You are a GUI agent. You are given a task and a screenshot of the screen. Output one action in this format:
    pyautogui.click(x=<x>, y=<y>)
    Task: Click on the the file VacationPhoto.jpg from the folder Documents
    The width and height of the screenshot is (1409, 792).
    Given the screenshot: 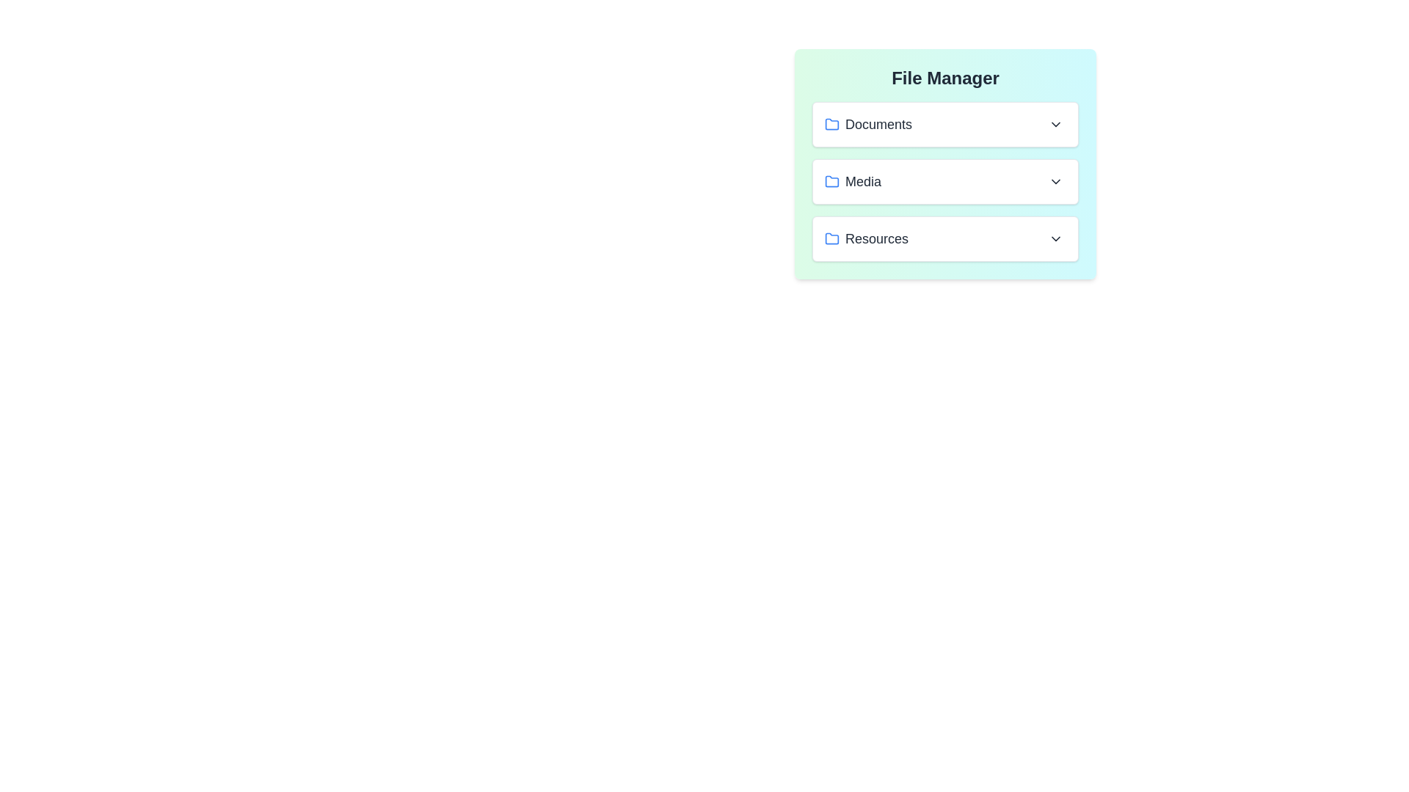 What is the action you would take?
    pyautogui.click(x=945, y=123)
    